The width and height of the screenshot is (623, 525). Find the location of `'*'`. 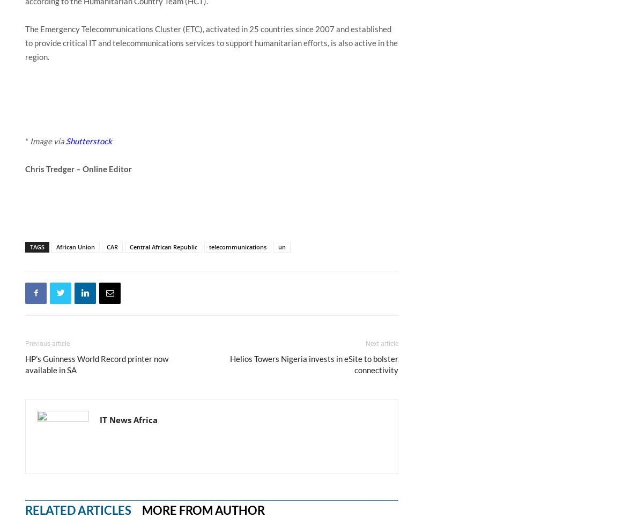

'*' is located at coordinates (27, 140).